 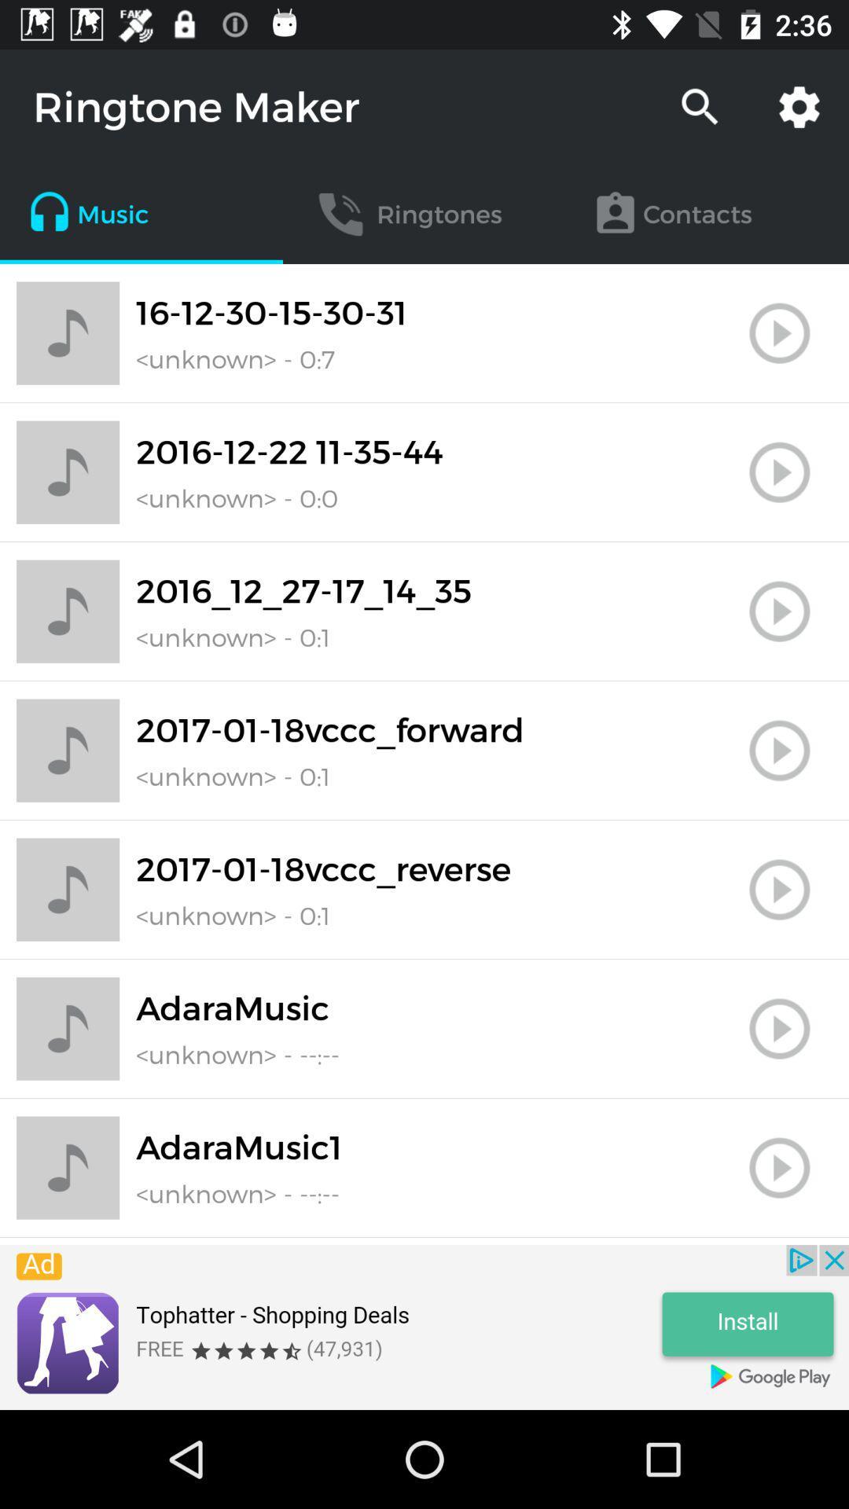 I want to click on the audio, so click(x=779, y=750).